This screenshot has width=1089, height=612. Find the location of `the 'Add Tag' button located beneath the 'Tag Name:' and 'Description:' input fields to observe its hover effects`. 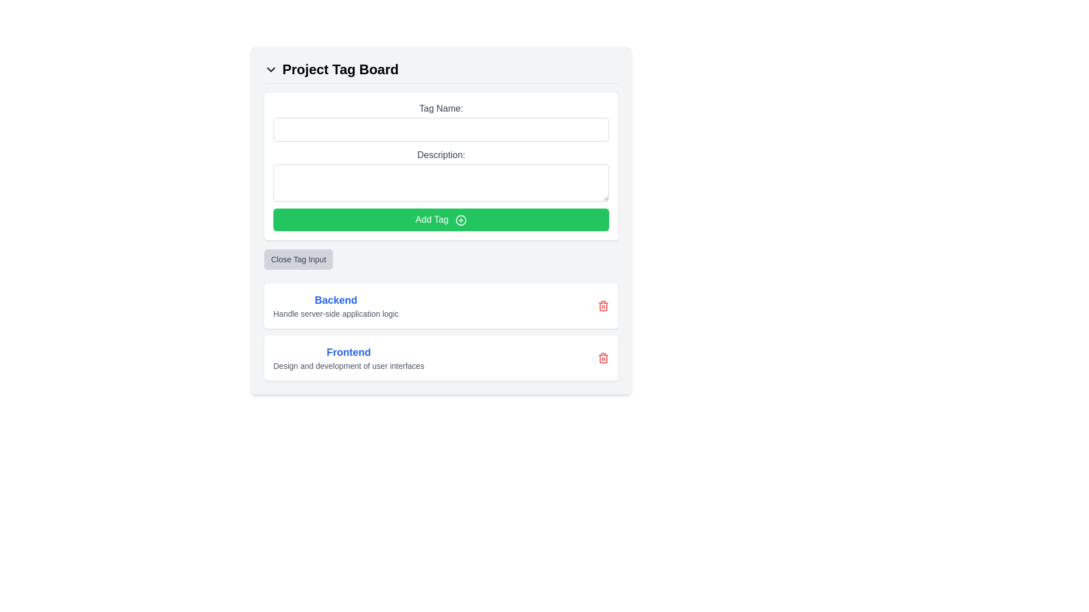

the 'Add Tag' button located beneath the 'Tag Name:' and 'Description:' input fields to observe its hover effects is located at coordinates (440, 220).